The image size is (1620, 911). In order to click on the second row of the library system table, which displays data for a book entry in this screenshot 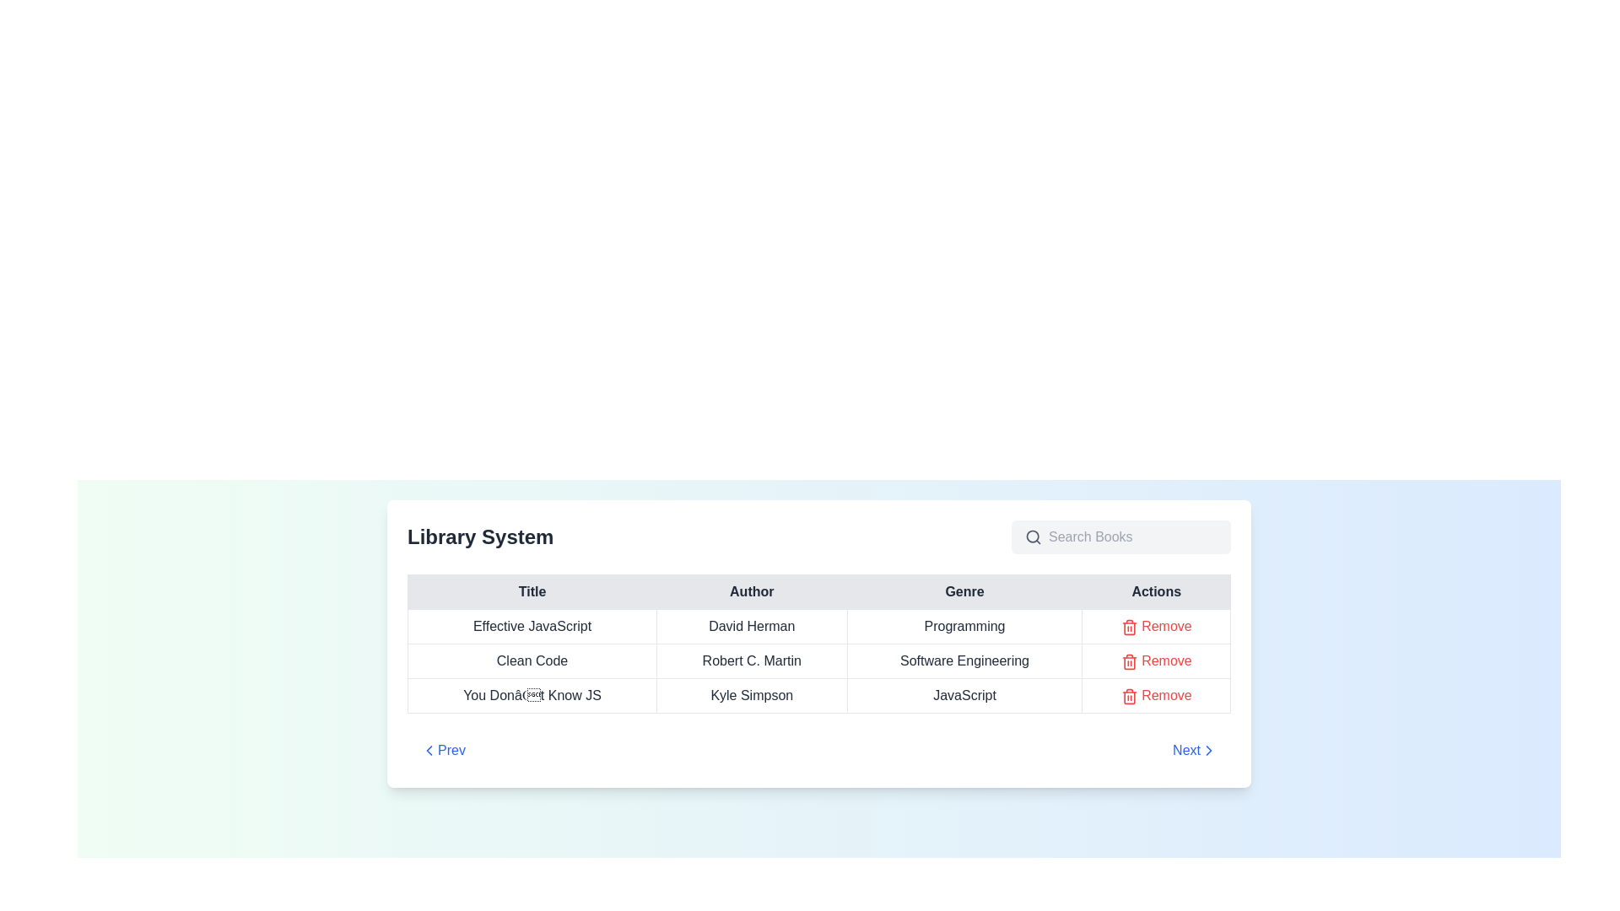, I will do `click(818, 660)`.